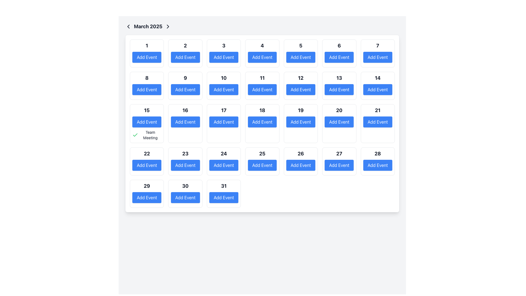 The image size is (526, 296). What do you see at coordinates (262, 110) in the screenshot?
I see `the bold, large-sized static text displaying the number '18' located in the March 18 calendar cell, positioned above the 'Add Event' button` at bounding box center [262, 110].